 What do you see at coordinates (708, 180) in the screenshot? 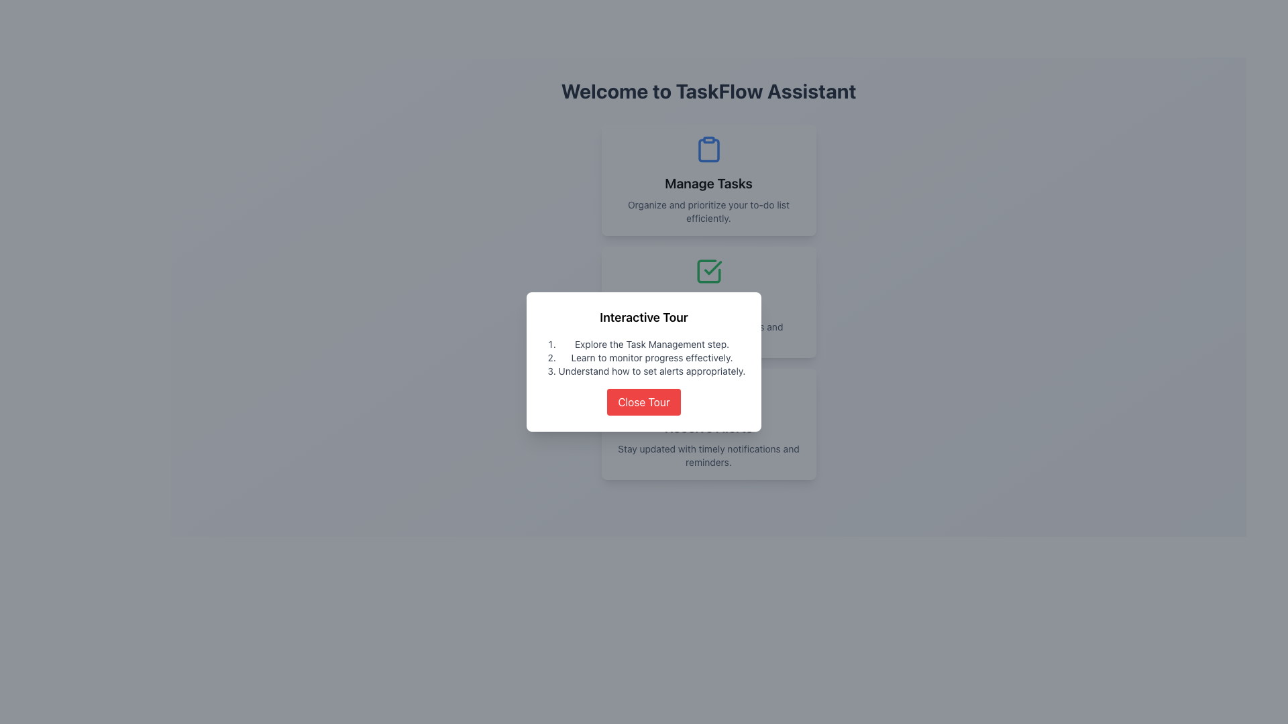
I see `the first Informational Card titled 'Welcome to TaskFlow Assistant' by clicking on it, as it is positioned centrally in the interface and is the first card in the list` at bounding box center [708, 180].